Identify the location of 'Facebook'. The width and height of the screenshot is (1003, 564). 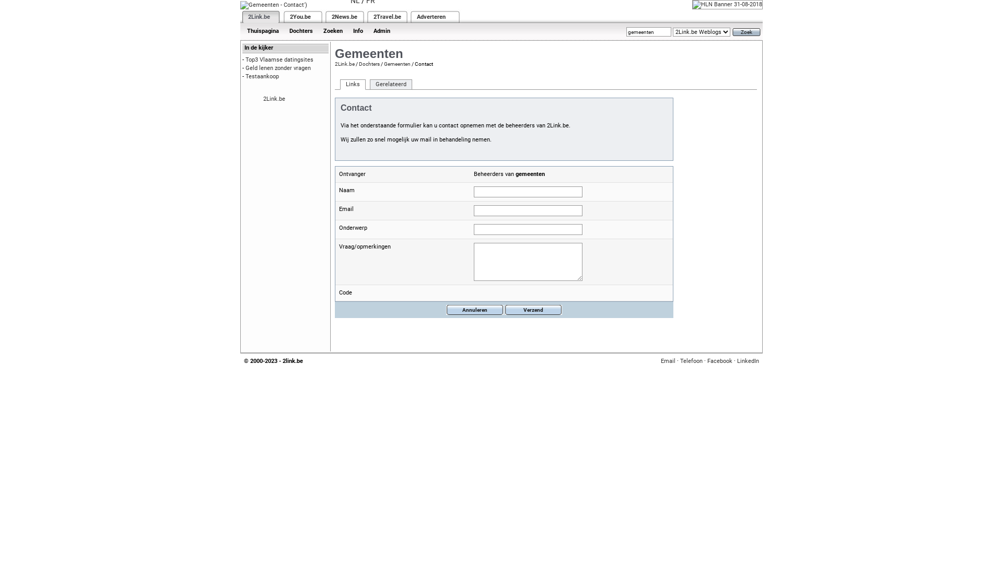
(707, 360).